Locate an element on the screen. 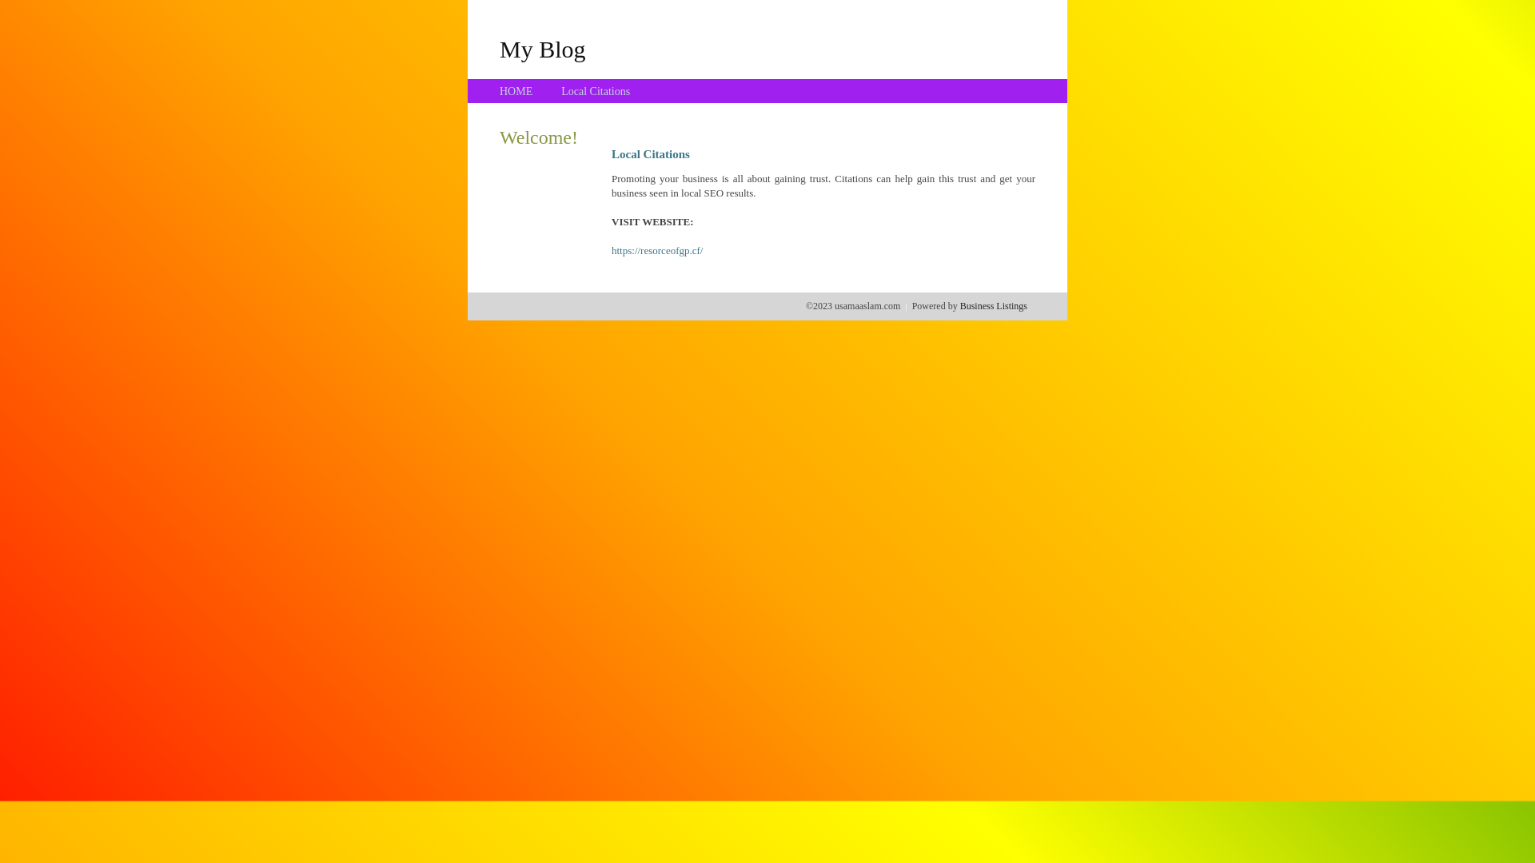 This screenshot has width=1535, height=863. 'HOME' is located at coordinates (498, 91).